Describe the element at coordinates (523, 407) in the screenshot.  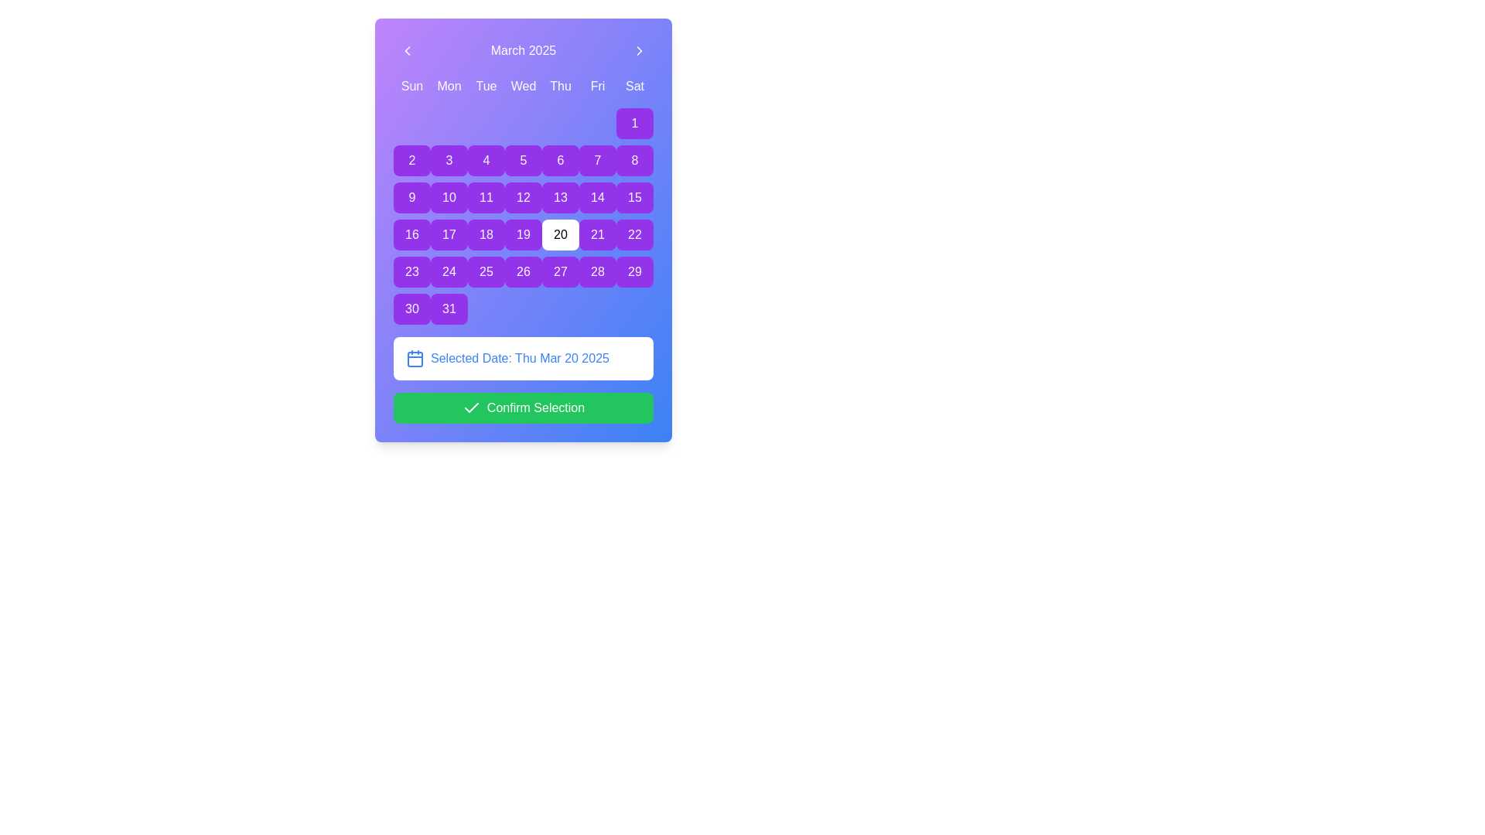
I see `the wide rectangular green button labeled 'Confirm Selection' with a white checkmark icon to confirm the selection` at that location.